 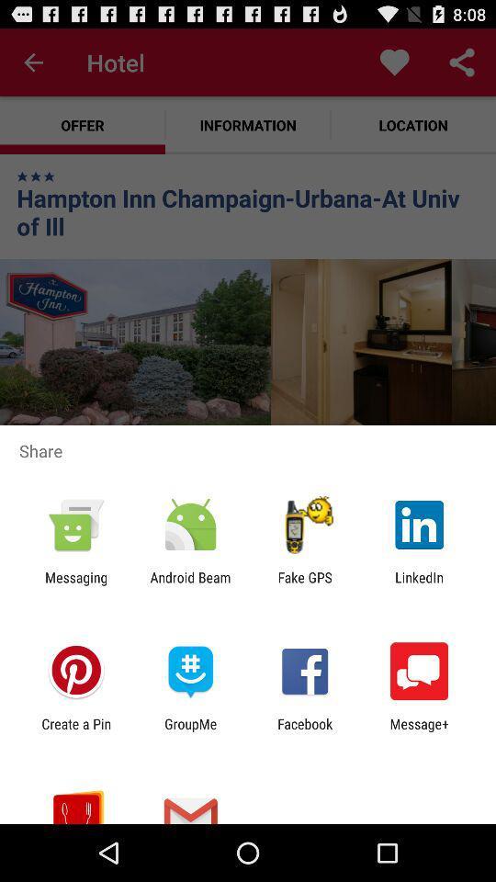 I want to click on the create a pin app, so click(x=75, y=731).